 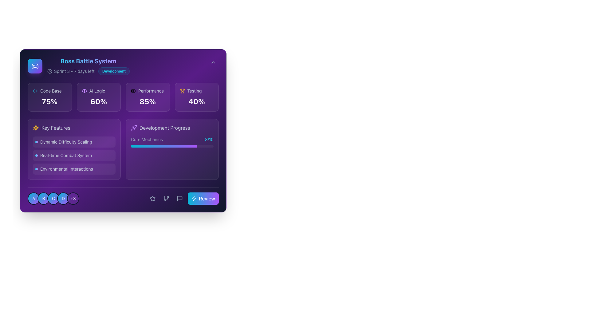 What do you see at coordinates (73, 198) in the screenshot?
I see `the small circular badge with a purple background and the text '+3', which is the fifth badge in a horizontal sequence located at the bottom-left area of the interface` at bounding box center [73, 198].